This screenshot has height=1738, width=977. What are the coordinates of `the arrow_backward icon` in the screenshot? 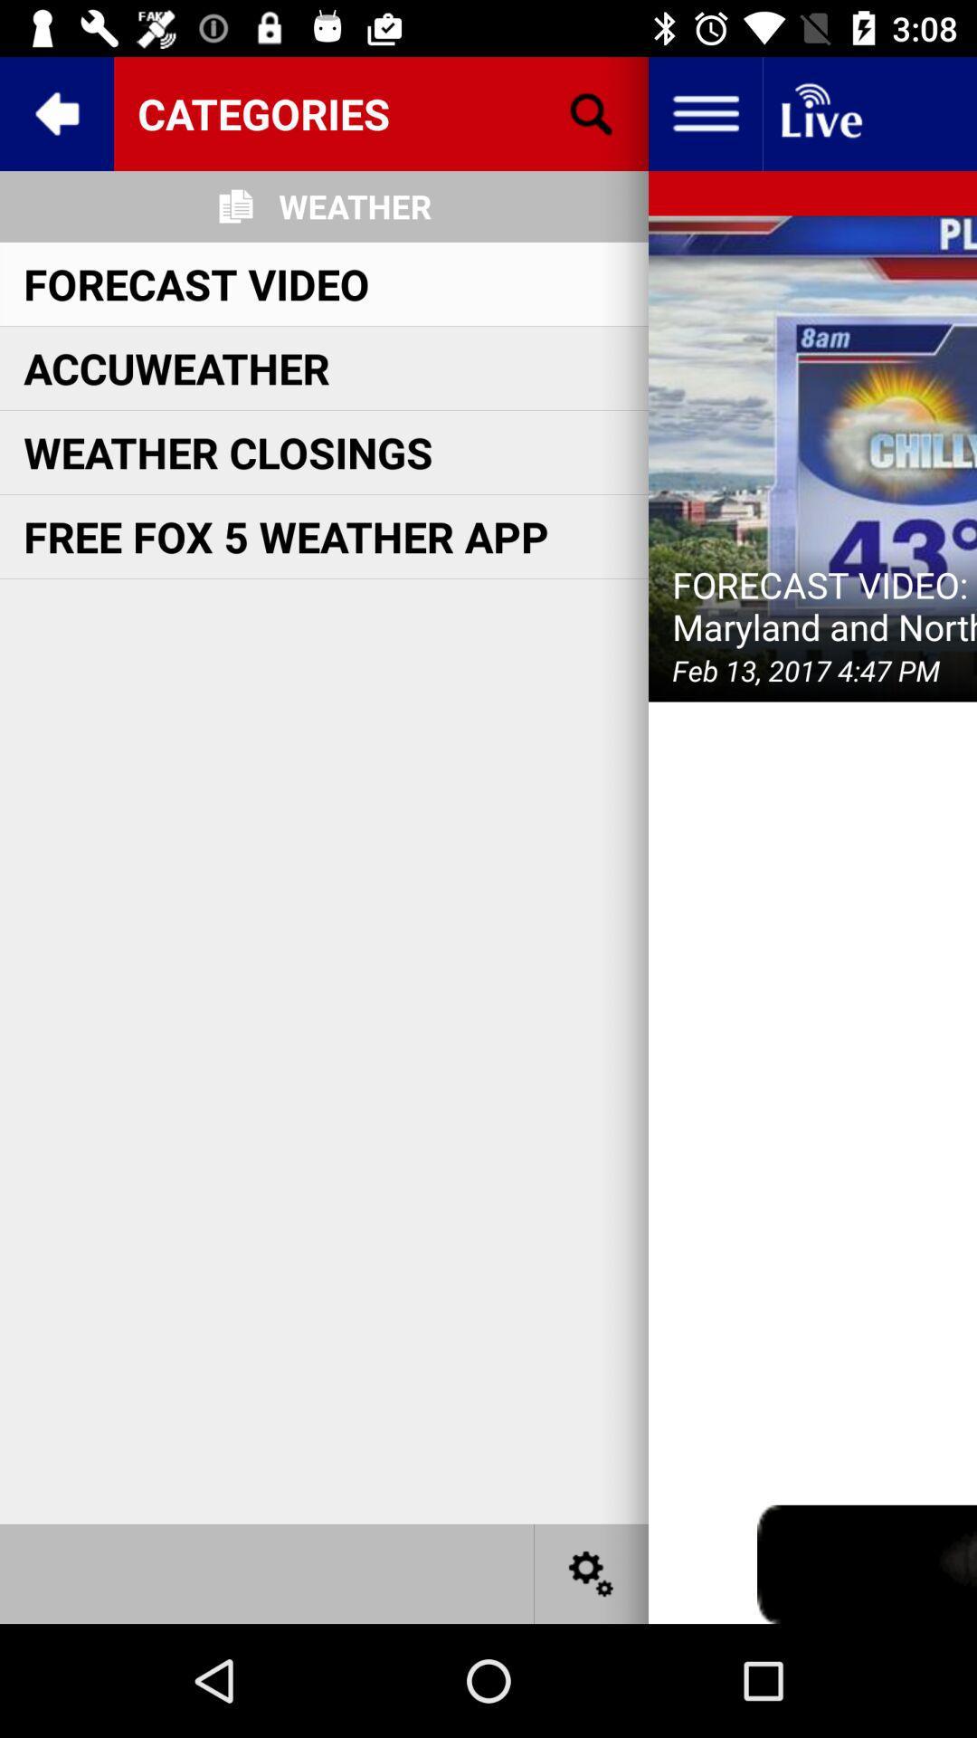 It's located at (55, 112).